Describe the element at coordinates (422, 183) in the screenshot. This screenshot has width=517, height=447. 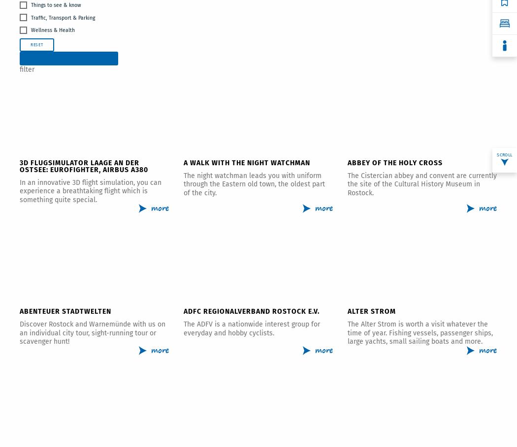
I see `'The Cistercian abbey and convent are currently the site of the Cultural History Museum in Rostock.'` at that location.